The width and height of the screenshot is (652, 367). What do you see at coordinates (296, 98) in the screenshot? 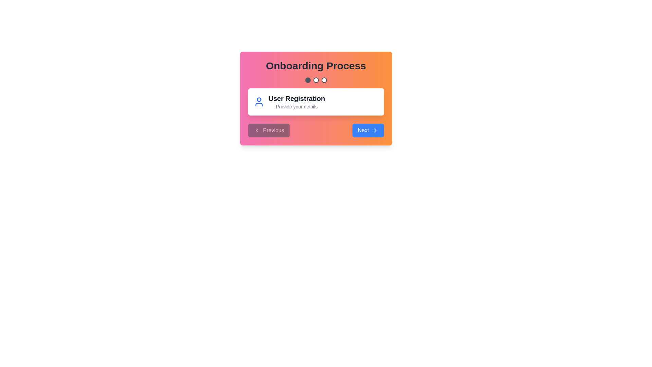
I see `the Text element titled 'User Registration', which serves as the main title for the onboarding process section` at bounding box center [296, 98].